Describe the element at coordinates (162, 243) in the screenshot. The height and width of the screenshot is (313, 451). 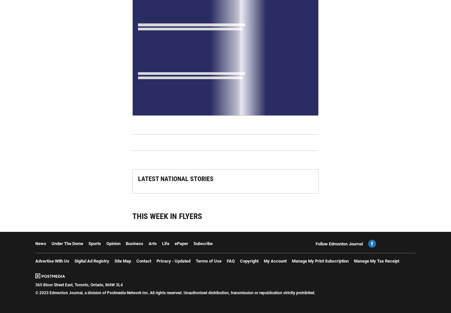
I see `'Life'` at that location.